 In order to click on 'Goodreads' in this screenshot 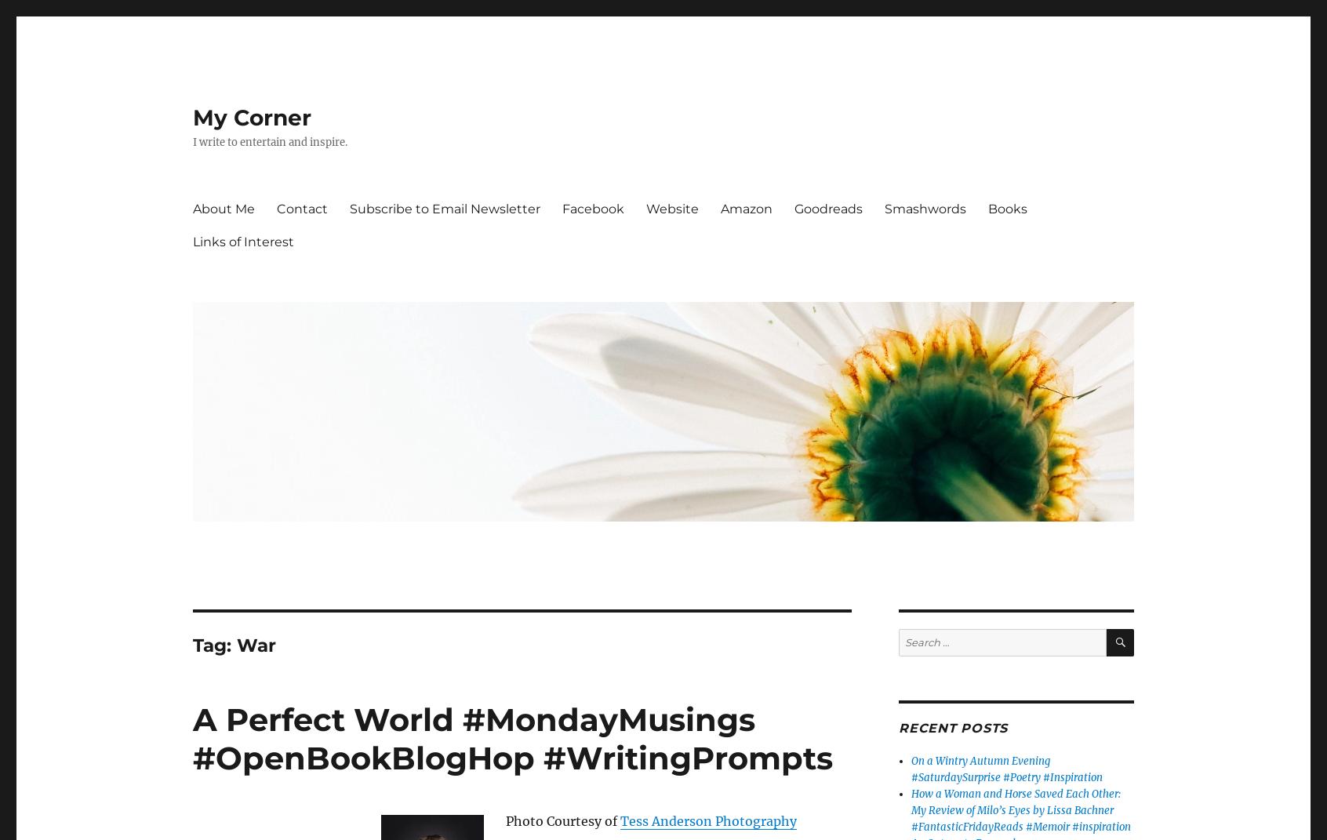, I will do `click(827, 208)`.